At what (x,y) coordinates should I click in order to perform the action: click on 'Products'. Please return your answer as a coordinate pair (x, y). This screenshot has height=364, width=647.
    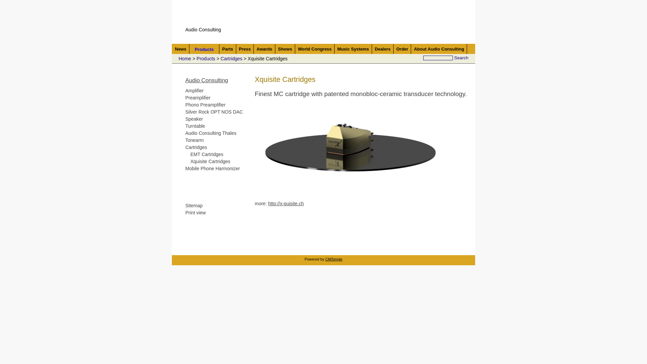
    Looking at the image, I should click on (205, 58).